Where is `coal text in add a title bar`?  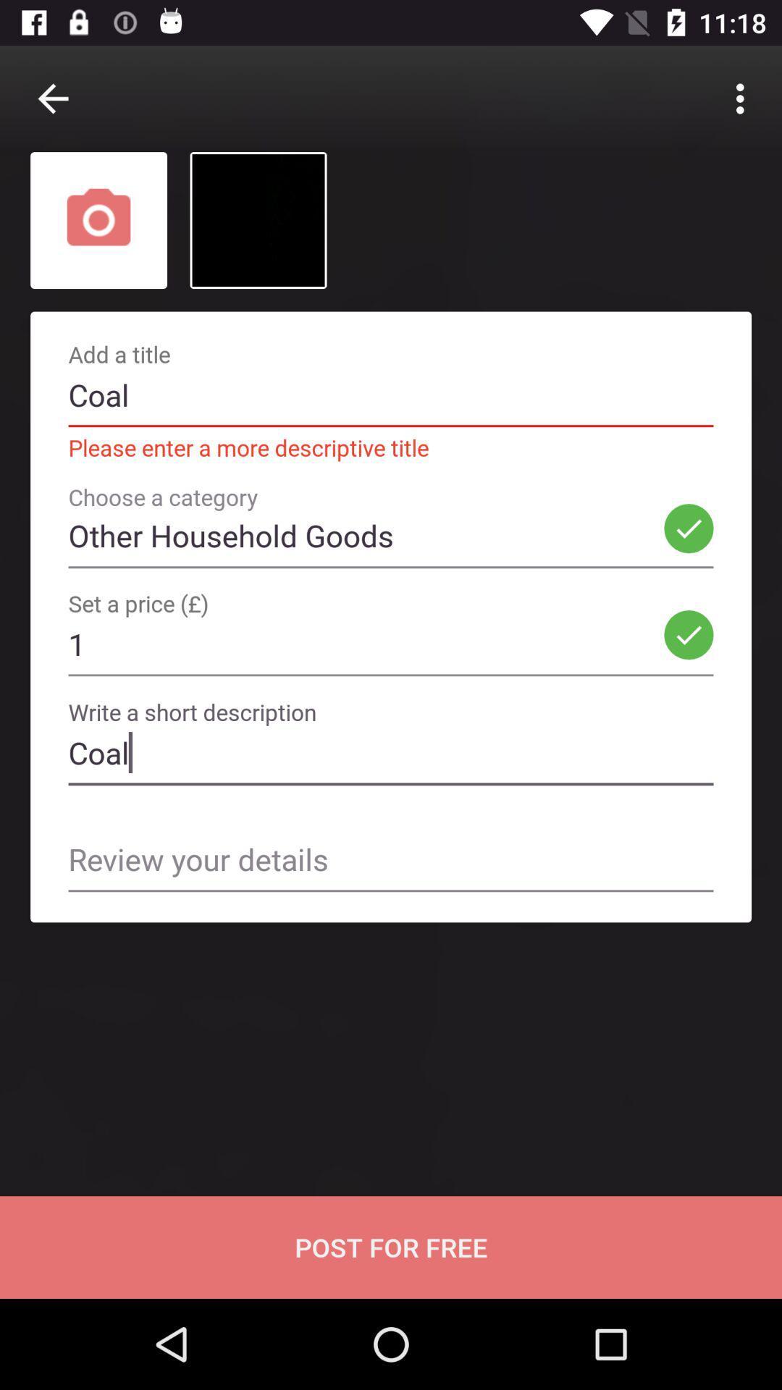
coal text in add a title bar is located at coordinates (391, 395).